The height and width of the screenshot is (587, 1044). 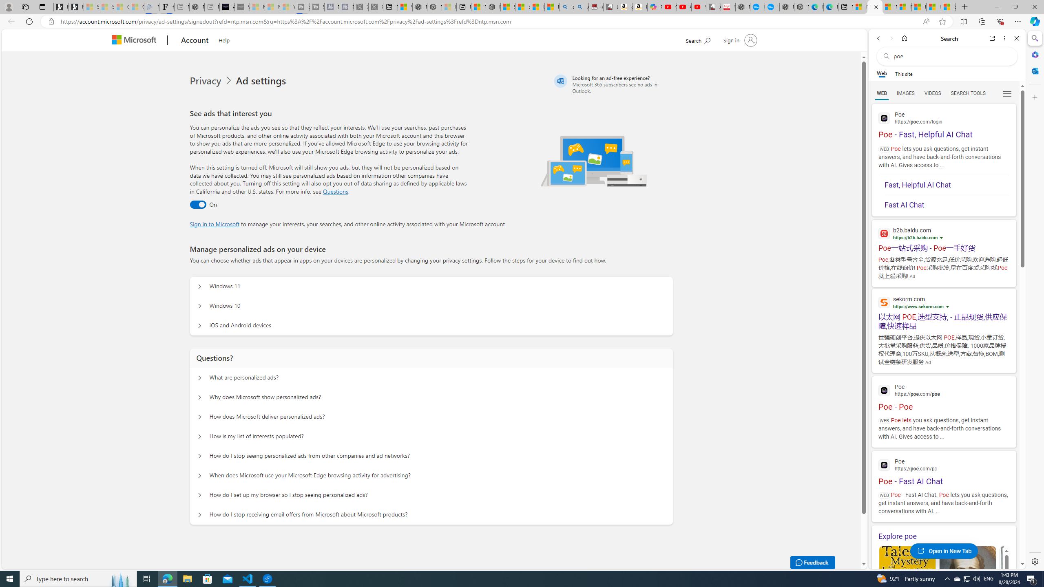 I want to click on 'This site scope', so click(x=903, y=73).